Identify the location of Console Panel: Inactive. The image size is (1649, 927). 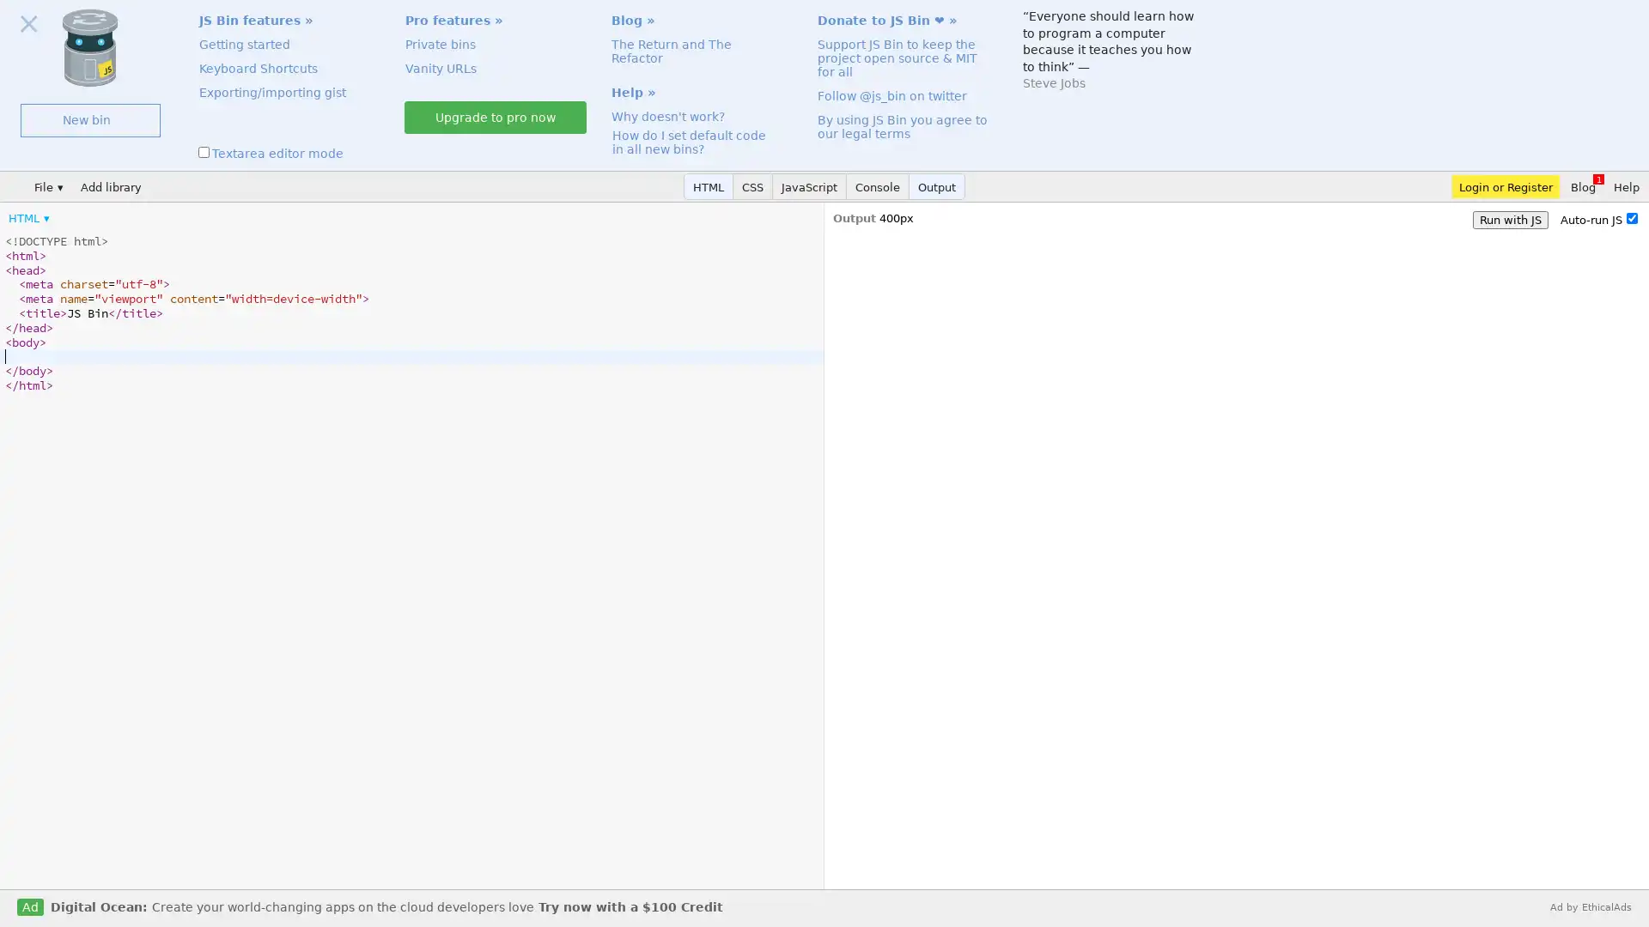
(878, 186).